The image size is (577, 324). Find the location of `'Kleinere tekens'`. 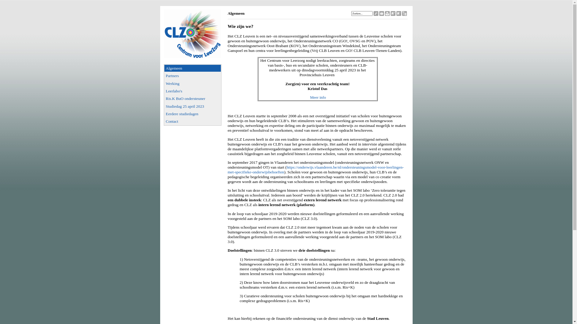

'Kleinere tekens' is located at coordinates (398, 14).